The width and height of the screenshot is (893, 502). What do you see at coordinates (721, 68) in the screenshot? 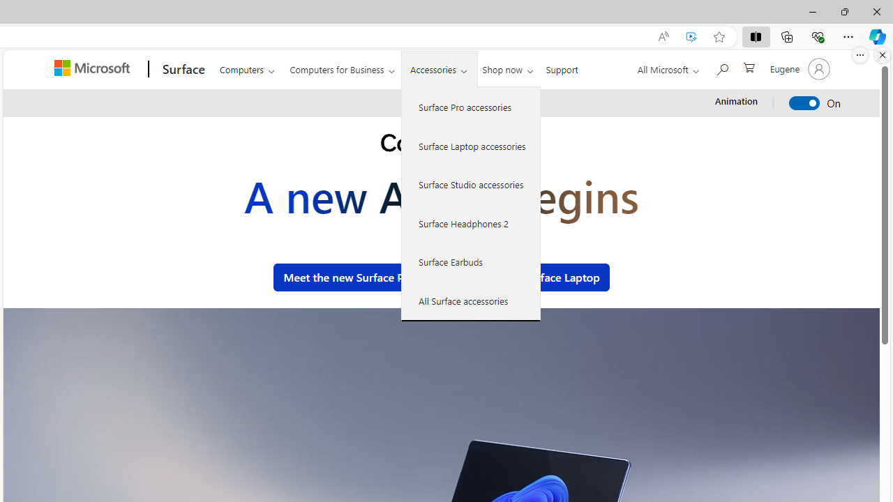
I see `'Search Microsoft.com'` at bounding box center [721, 68].